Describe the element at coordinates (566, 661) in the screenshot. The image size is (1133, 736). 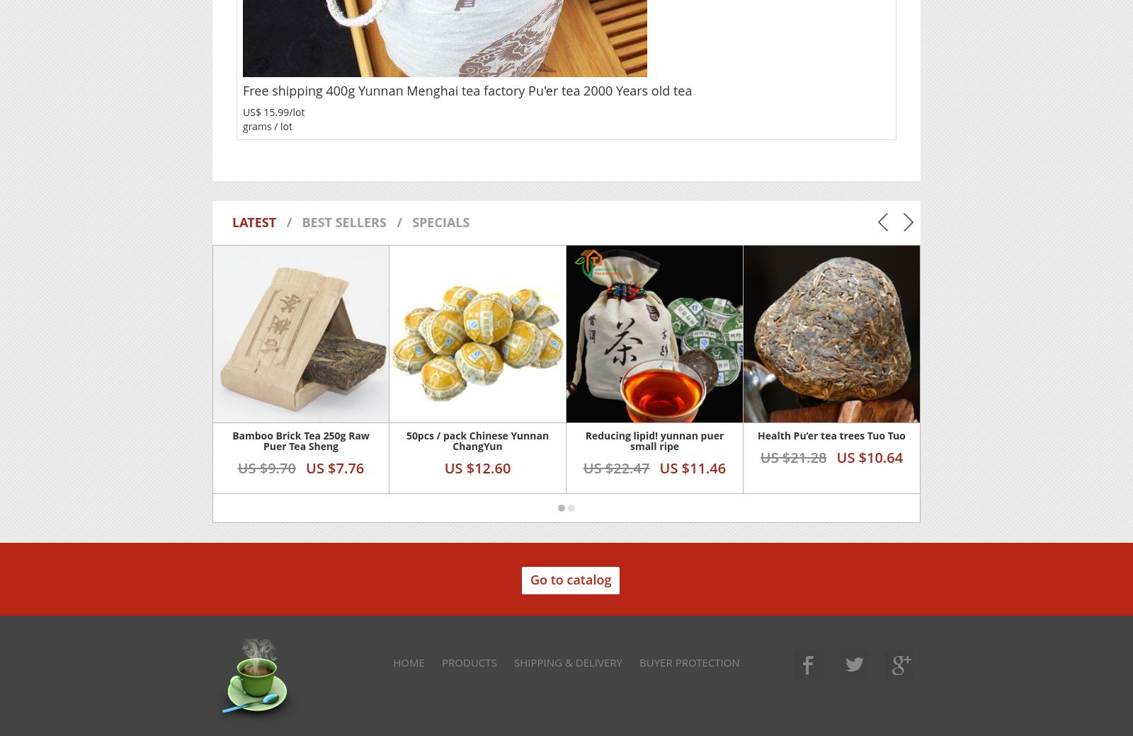
I see `'Shipping & Delivery'` at that location.